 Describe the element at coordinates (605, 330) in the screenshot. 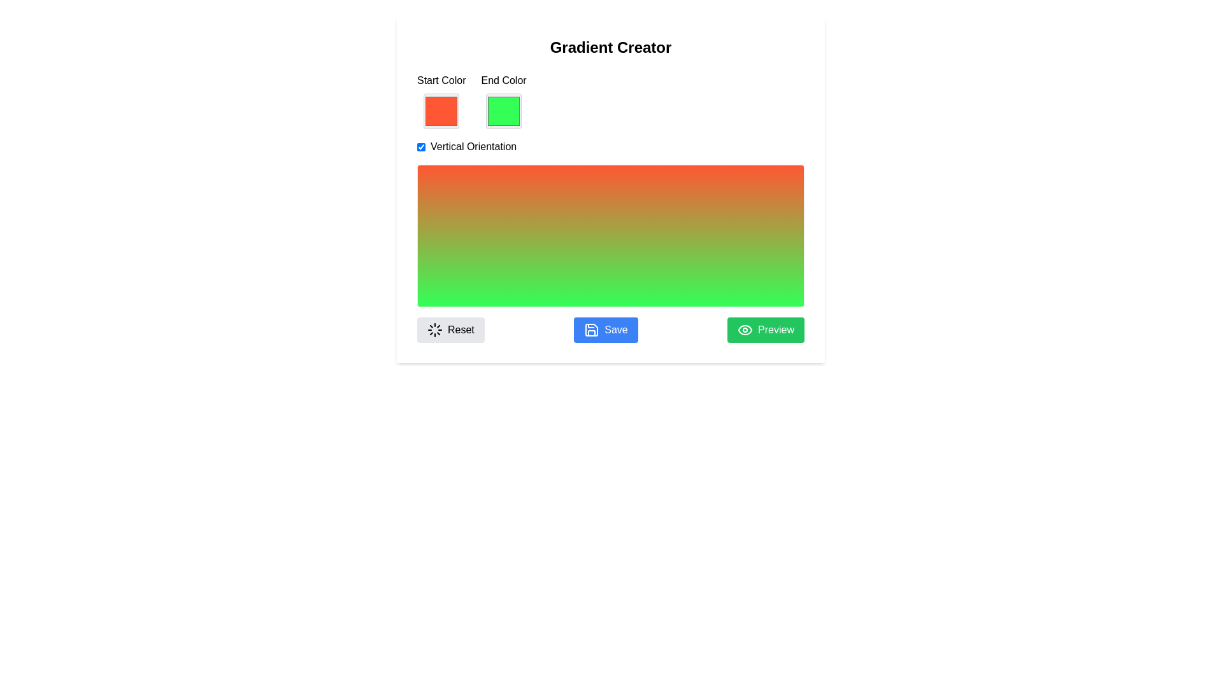

I see `the 'Save' button located between the 'Reset' and 'Preview' buttons in the 'Gradient Creator' application` at that location.